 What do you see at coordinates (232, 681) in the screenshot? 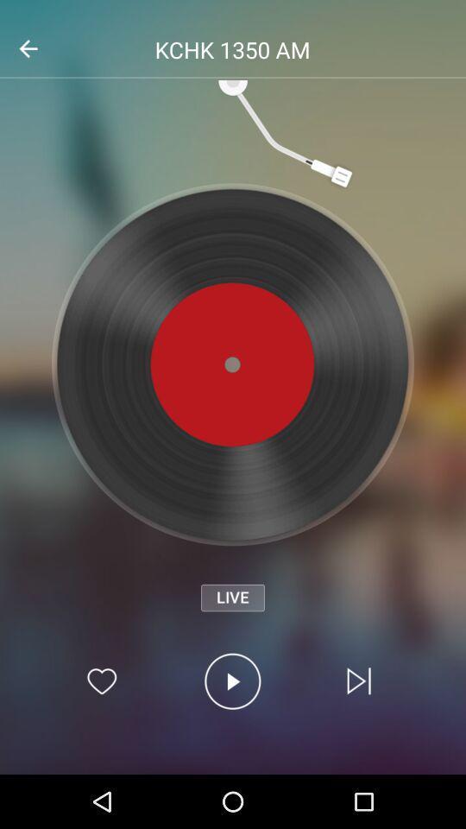
I see `the play icon` at bounding box center [232, 681].